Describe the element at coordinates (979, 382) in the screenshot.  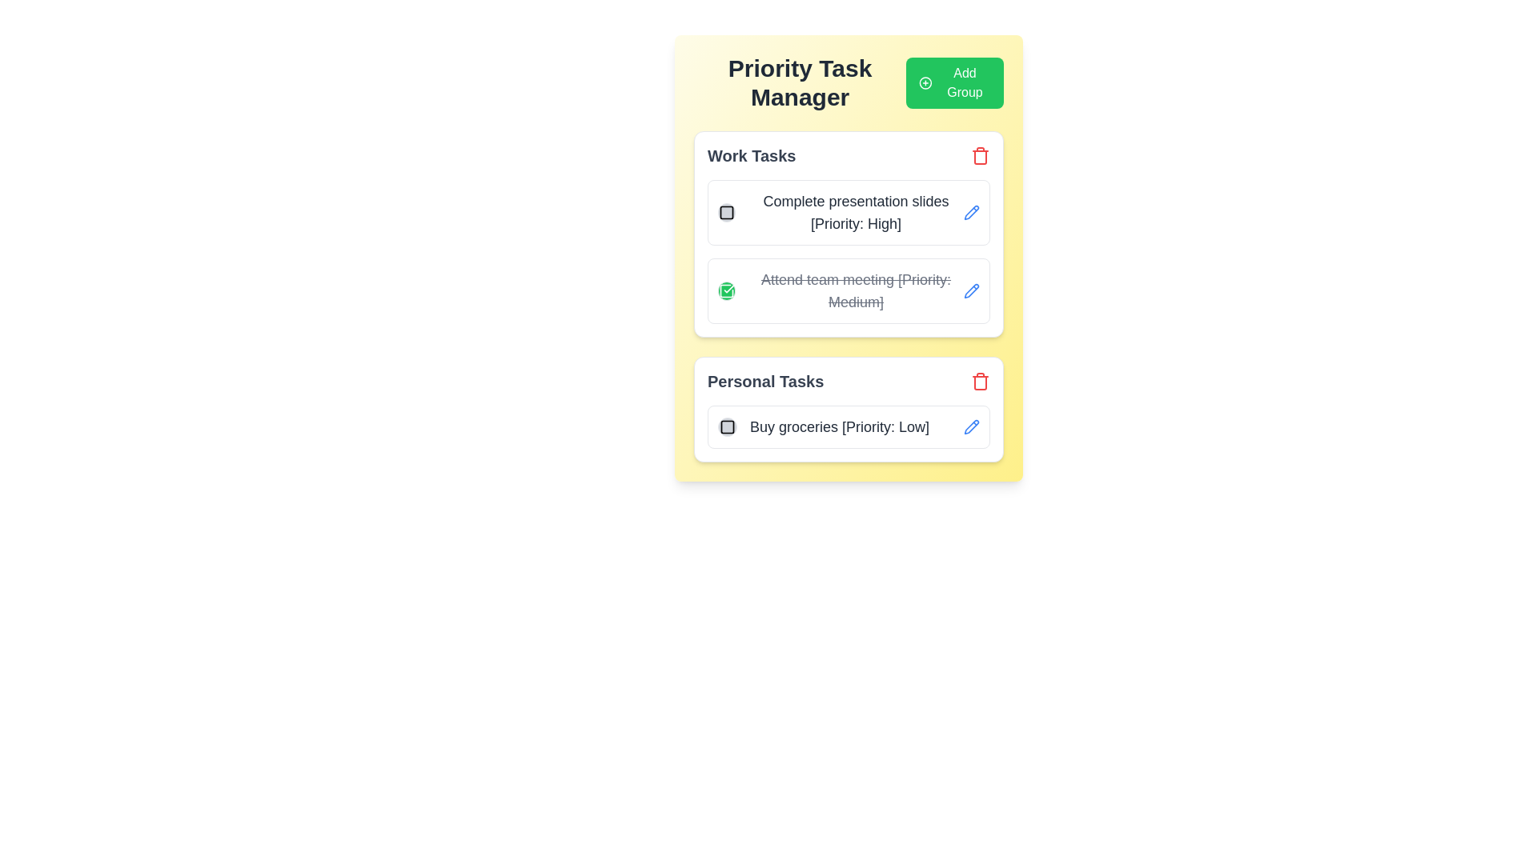
I see `the red trash can icon located on the right side of the 'Personal Tasks' heading` at that location.